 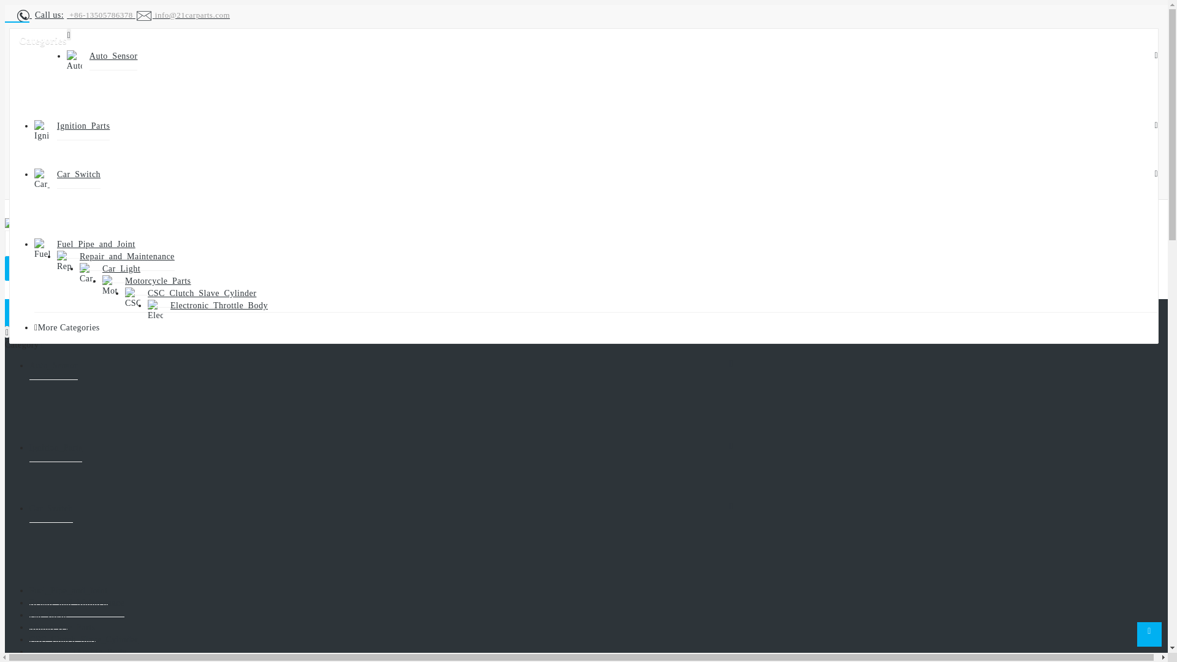 I want to click on 'Call us: +86-13505786378', so click(x=75, y=15).